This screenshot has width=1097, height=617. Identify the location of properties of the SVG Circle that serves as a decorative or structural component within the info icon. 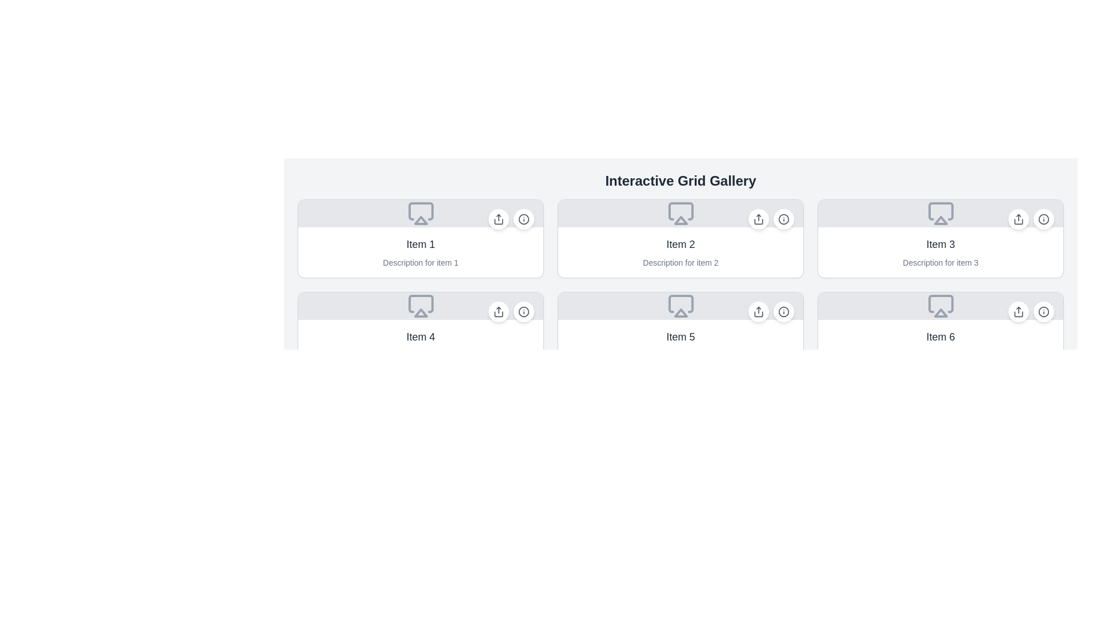
(783, 219).